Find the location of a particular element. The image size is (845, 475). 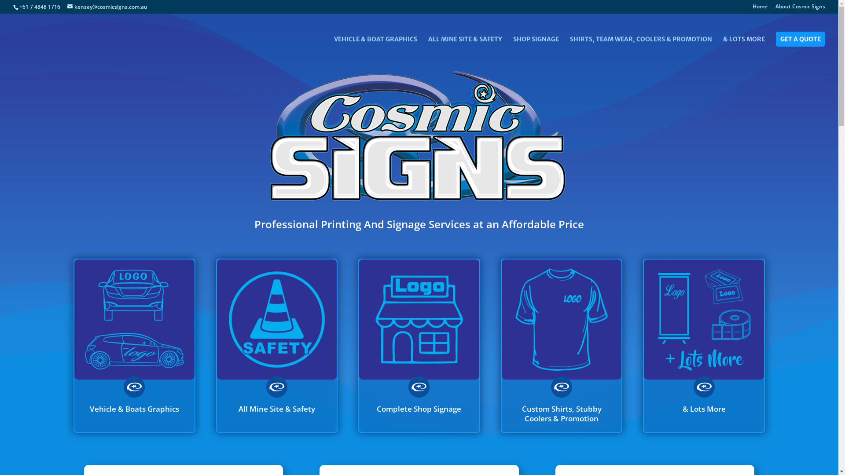

'SHOP SIGNAGE' is located at coordinates (536, 44).